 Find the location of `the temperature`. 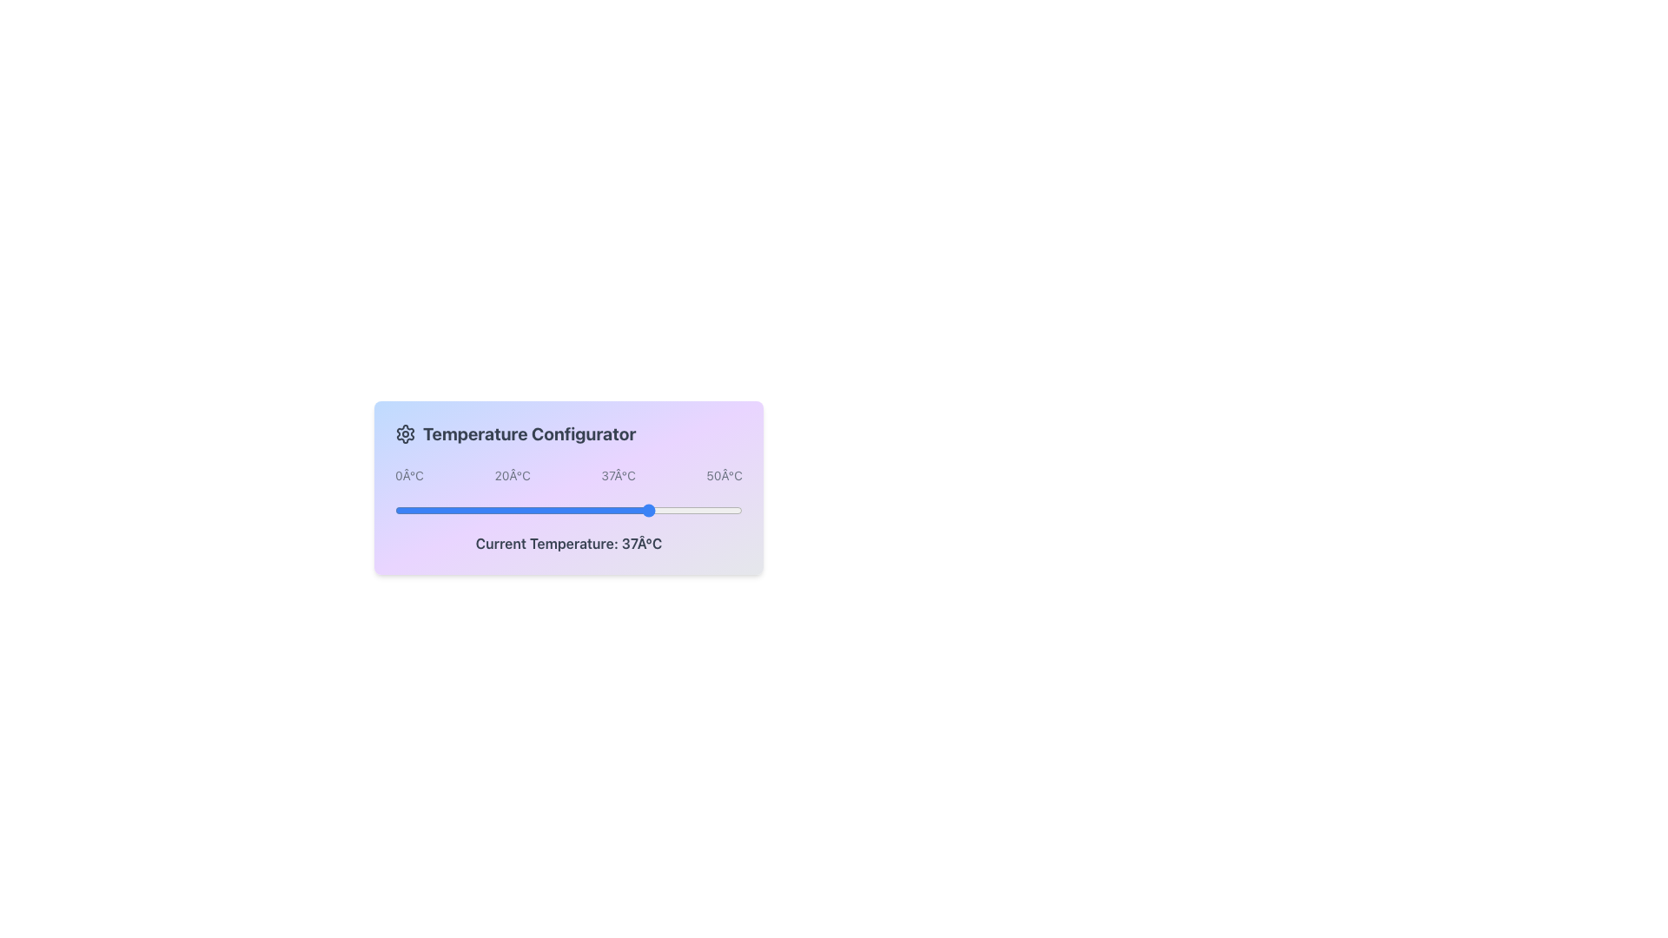

the temperature is located at coordinates (721, 509).